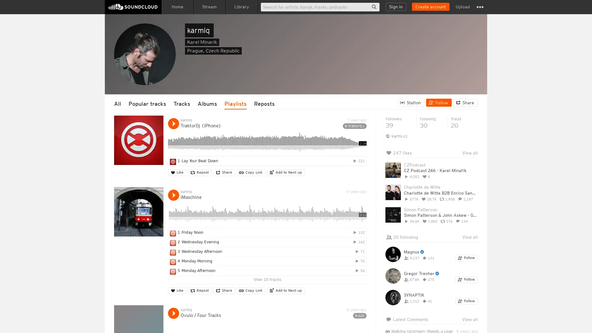 This screenshot has width=592, height=333. What do you see at coordinates (177, 290) in the screenshot?
I see `Like` at bounding box center [177, 290].